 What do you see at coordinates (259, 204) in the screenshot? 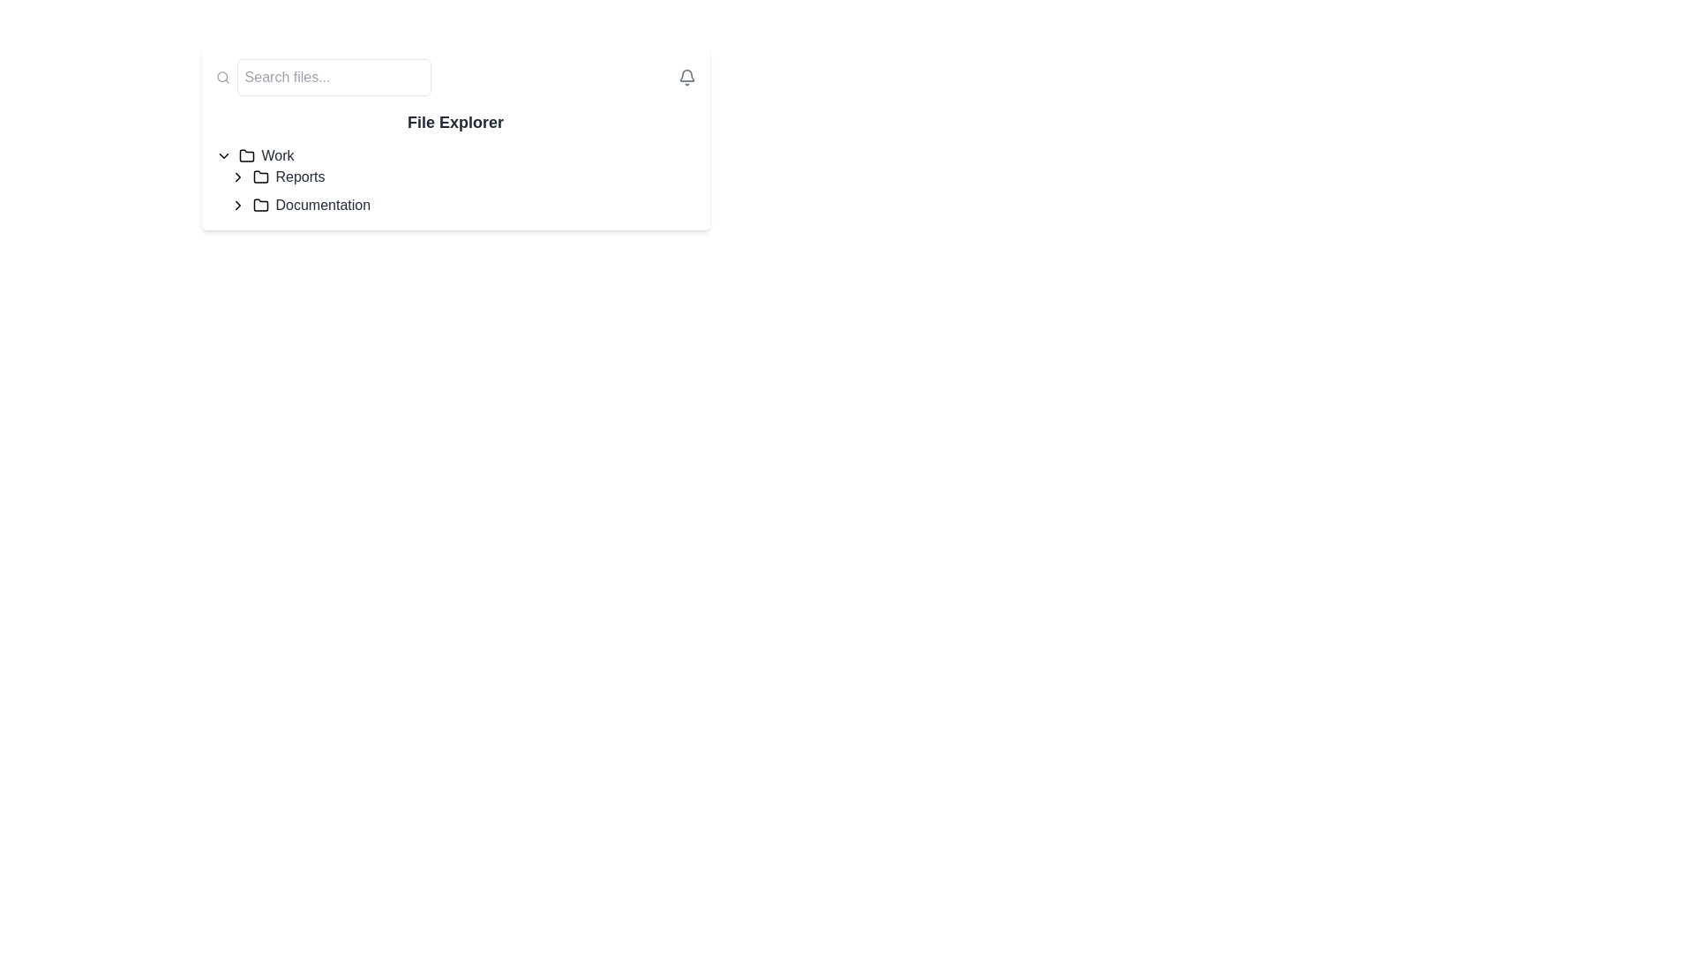
I see `the folder icon that represents a directory in the file navigation interface, located to the left of the text 'Documentation'` at bounding box center [259, 204].